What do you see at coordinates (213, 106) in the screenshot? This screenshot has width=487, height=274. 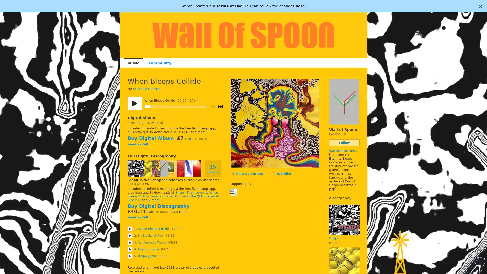 I see `Previous track` at bounding box center [213, 106].